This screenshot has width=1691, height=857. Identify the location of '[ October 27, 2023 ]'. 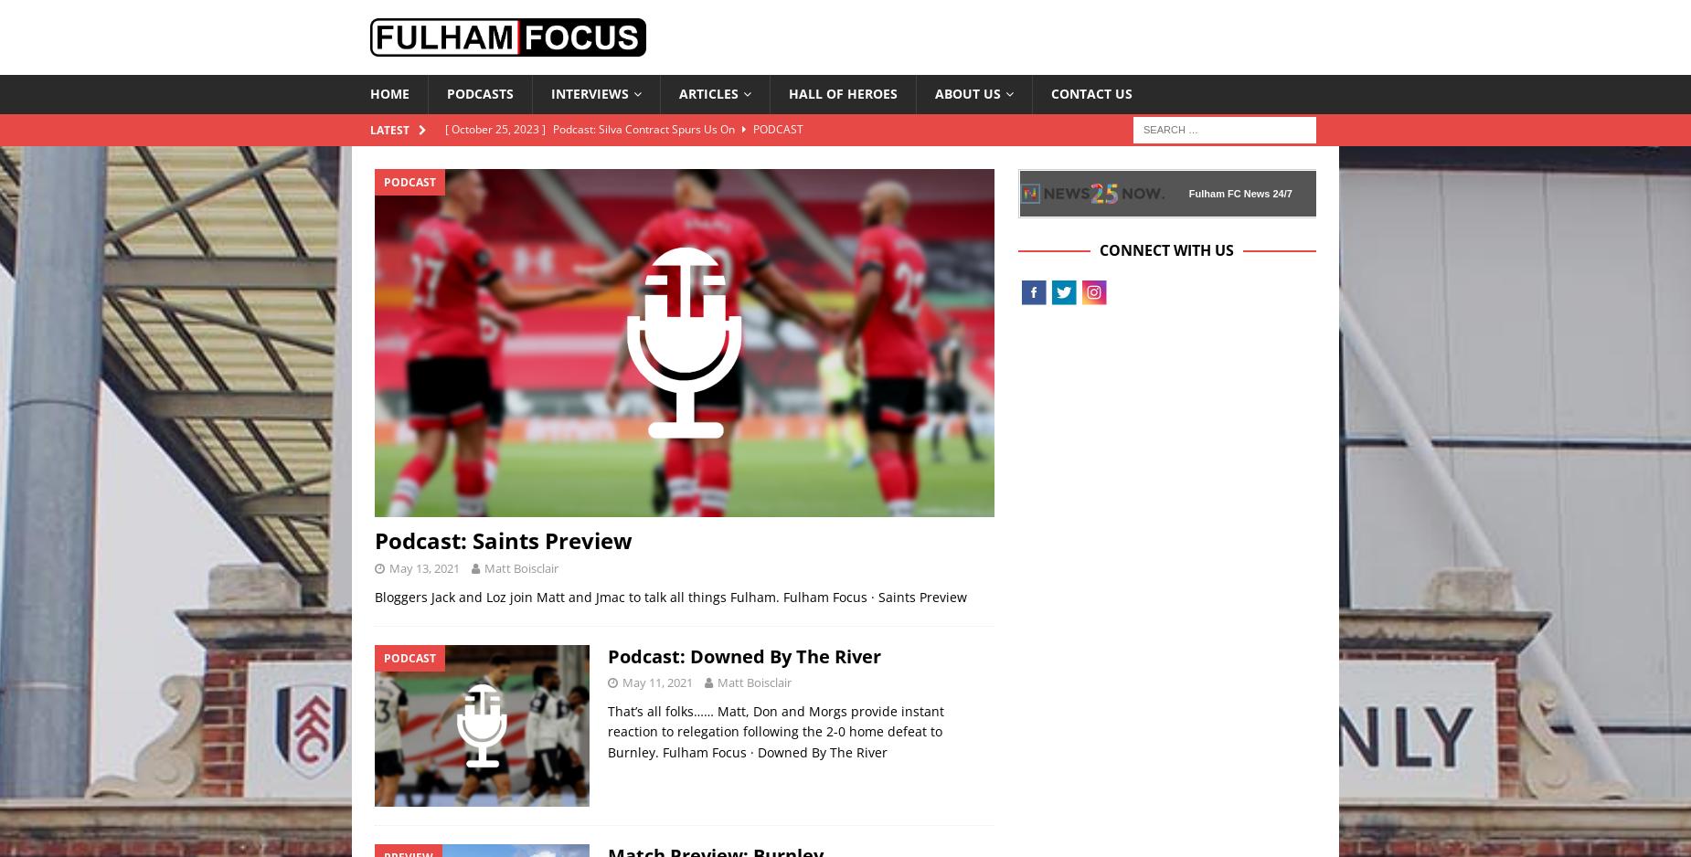
(444, 220).